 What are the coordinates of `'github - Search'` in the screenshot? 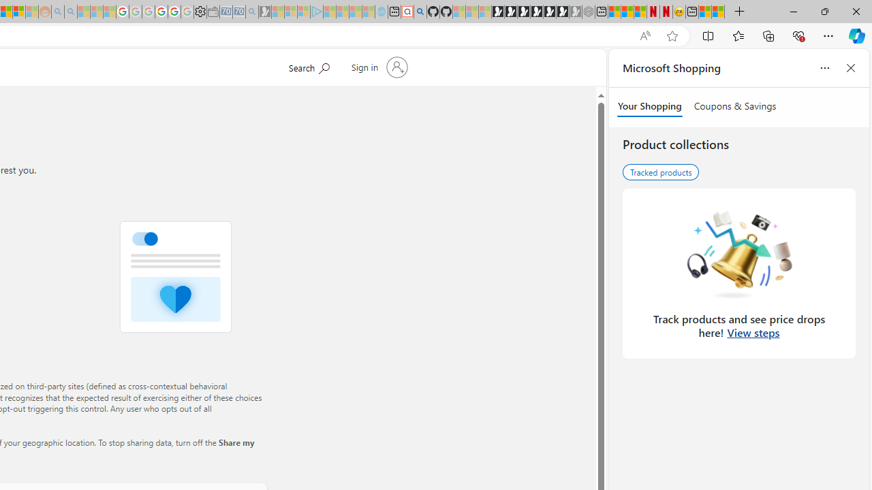 It's located at (419, 12).